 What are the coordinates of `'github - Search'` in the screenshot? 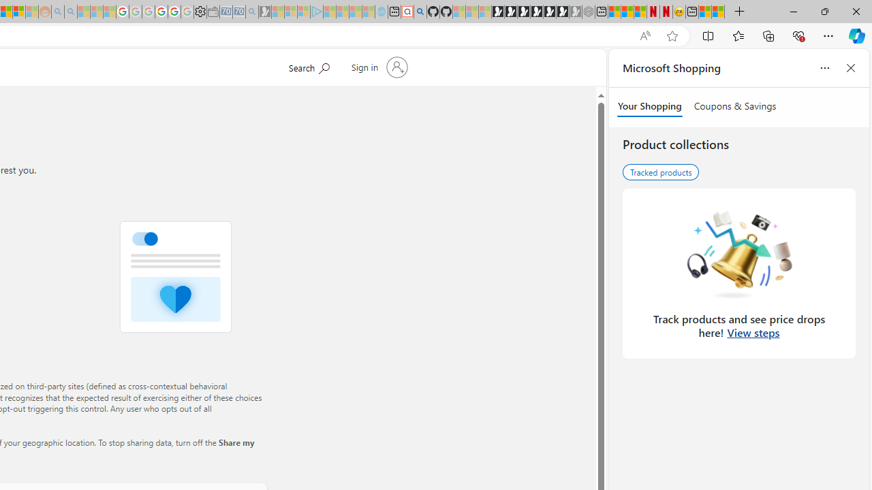 It's located at (419, 12).